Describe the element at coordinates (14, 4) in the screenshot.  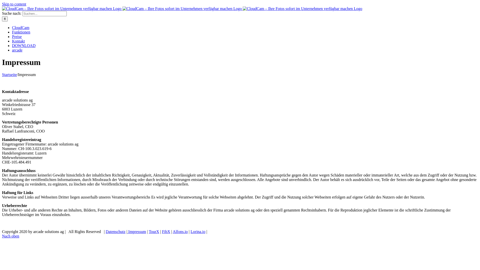
I see `'Skip to content'` at that location.